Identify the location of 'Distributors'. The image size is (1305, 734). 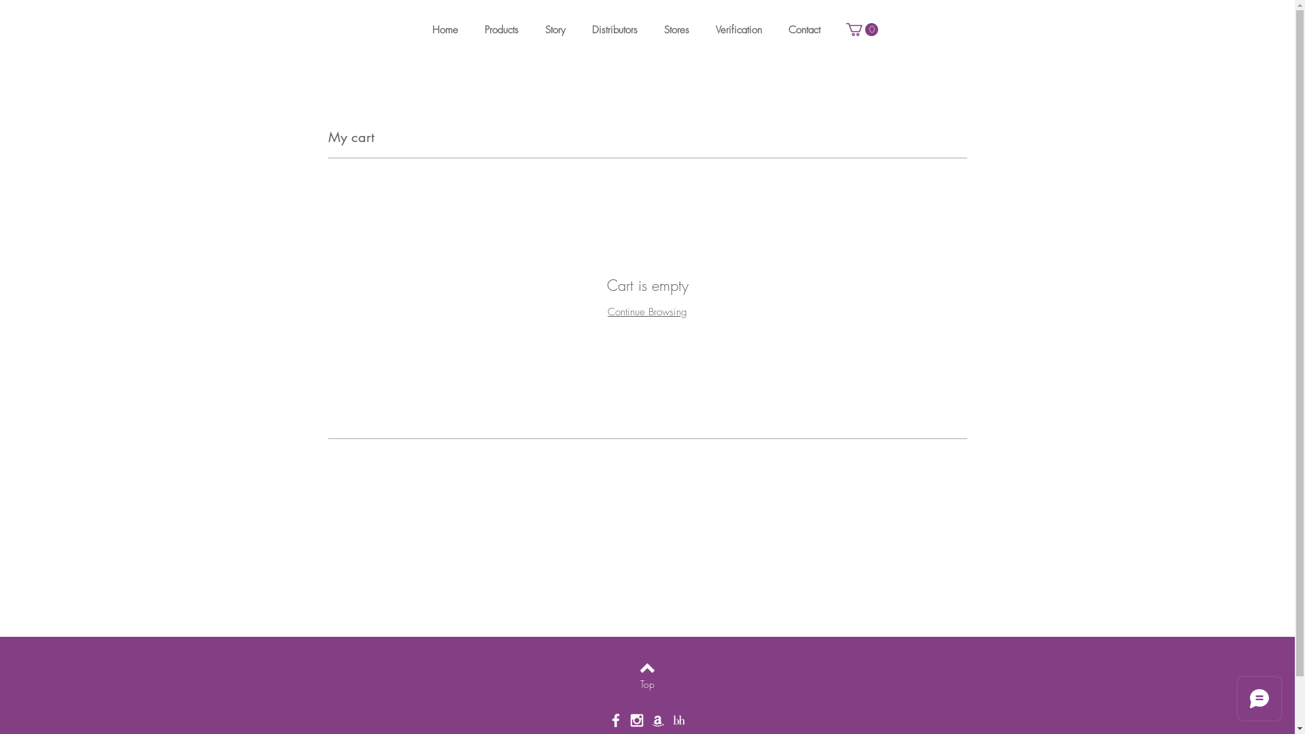
(616, 30).